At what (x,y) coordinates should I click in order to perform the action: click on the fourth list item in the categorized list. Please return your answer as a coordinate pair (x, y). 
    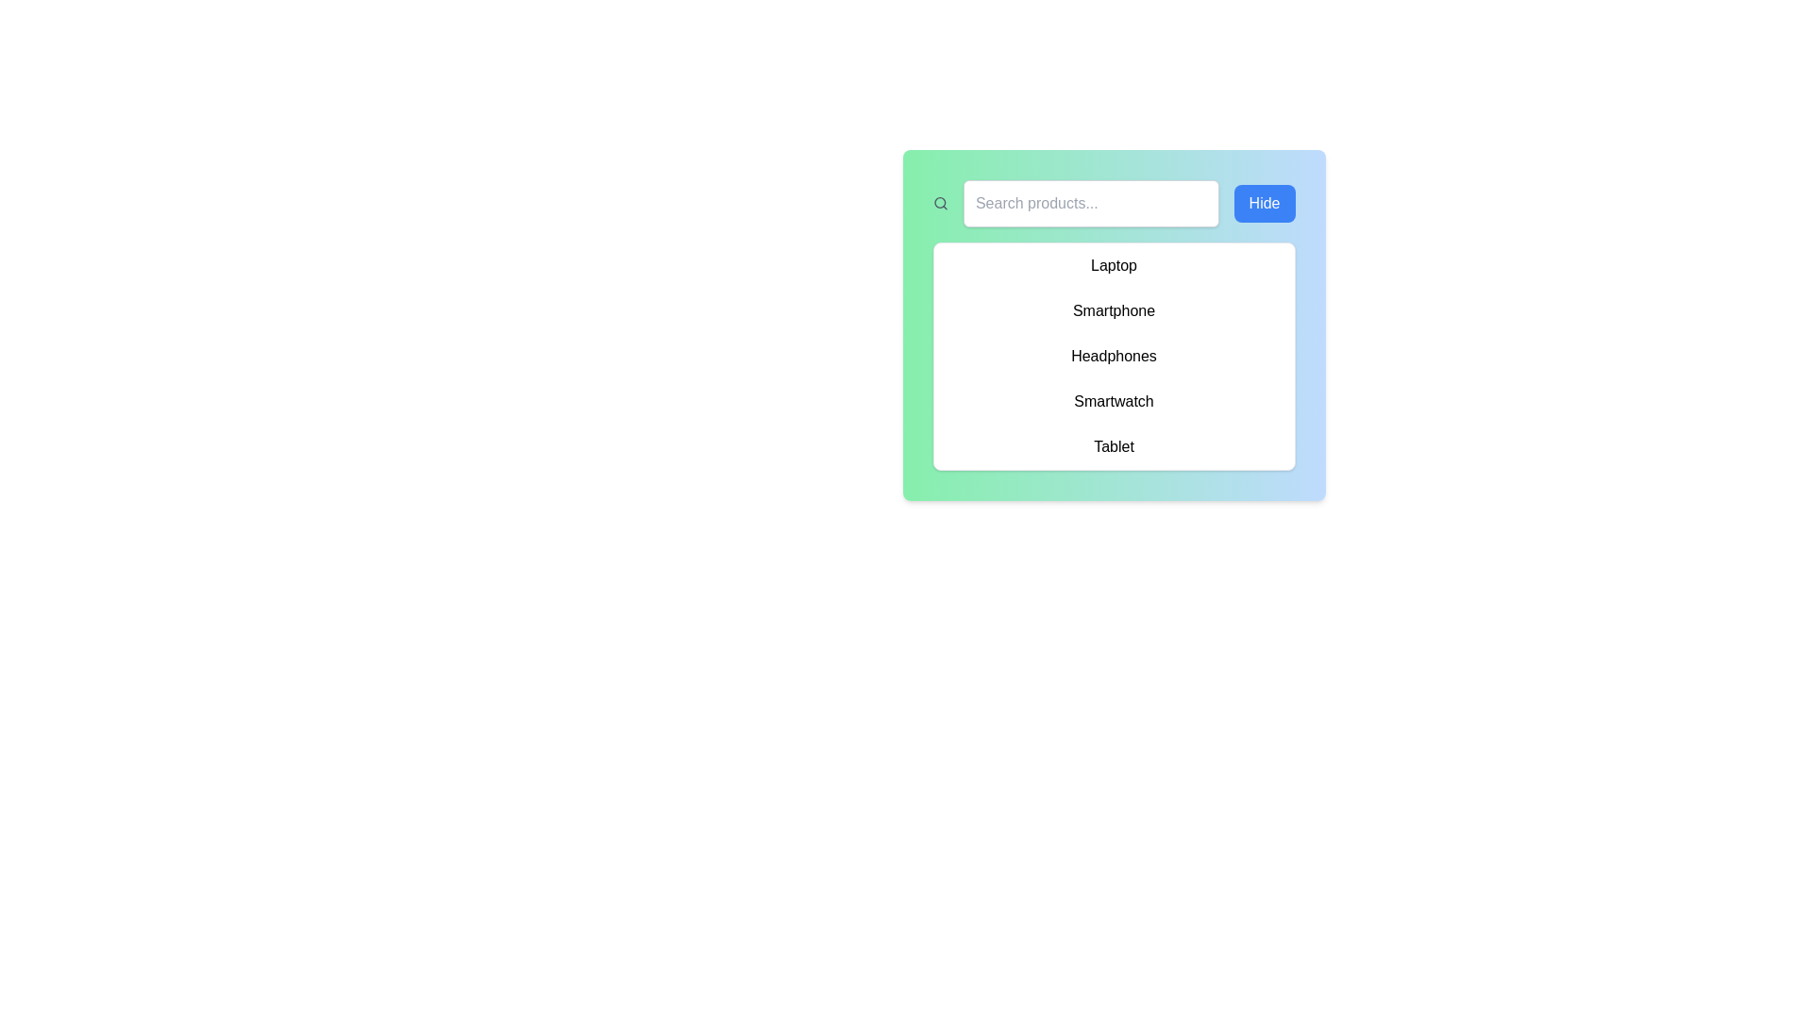
    Looking at the image, I should click on (1114, 400).